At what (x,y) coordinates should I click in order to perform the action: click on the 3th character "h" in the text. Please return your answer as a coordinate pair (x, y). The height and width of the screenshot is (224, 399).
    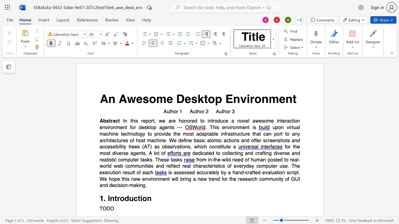
    Looking at the image, I should click on (196, 166).